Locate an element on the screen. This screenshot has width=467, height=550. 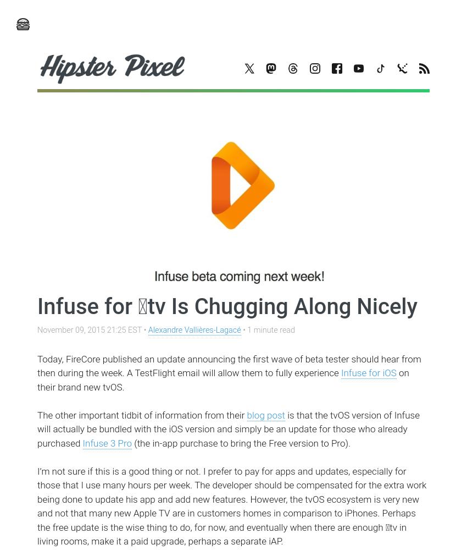
'November 09, 2015 21:25 EST •' is located at coordinates (92, 329).